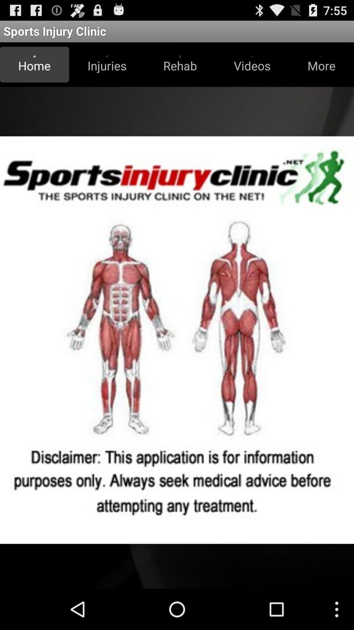 The image size is (354, 630). I want to click on the rehab item, so click(180, 64).